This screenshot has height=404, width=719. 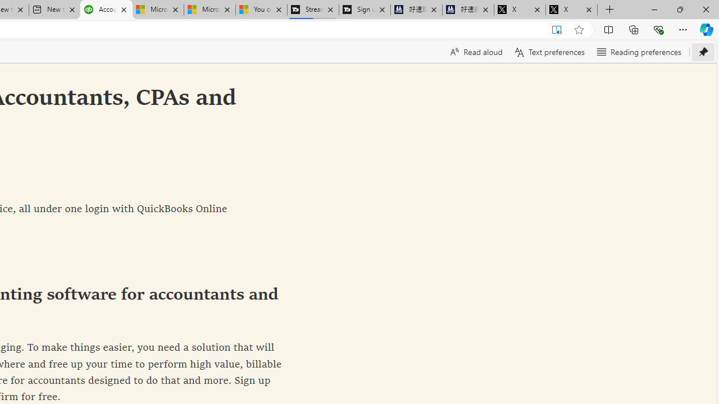 I want to click on 'Text preferences', so click(x=549, y=52).